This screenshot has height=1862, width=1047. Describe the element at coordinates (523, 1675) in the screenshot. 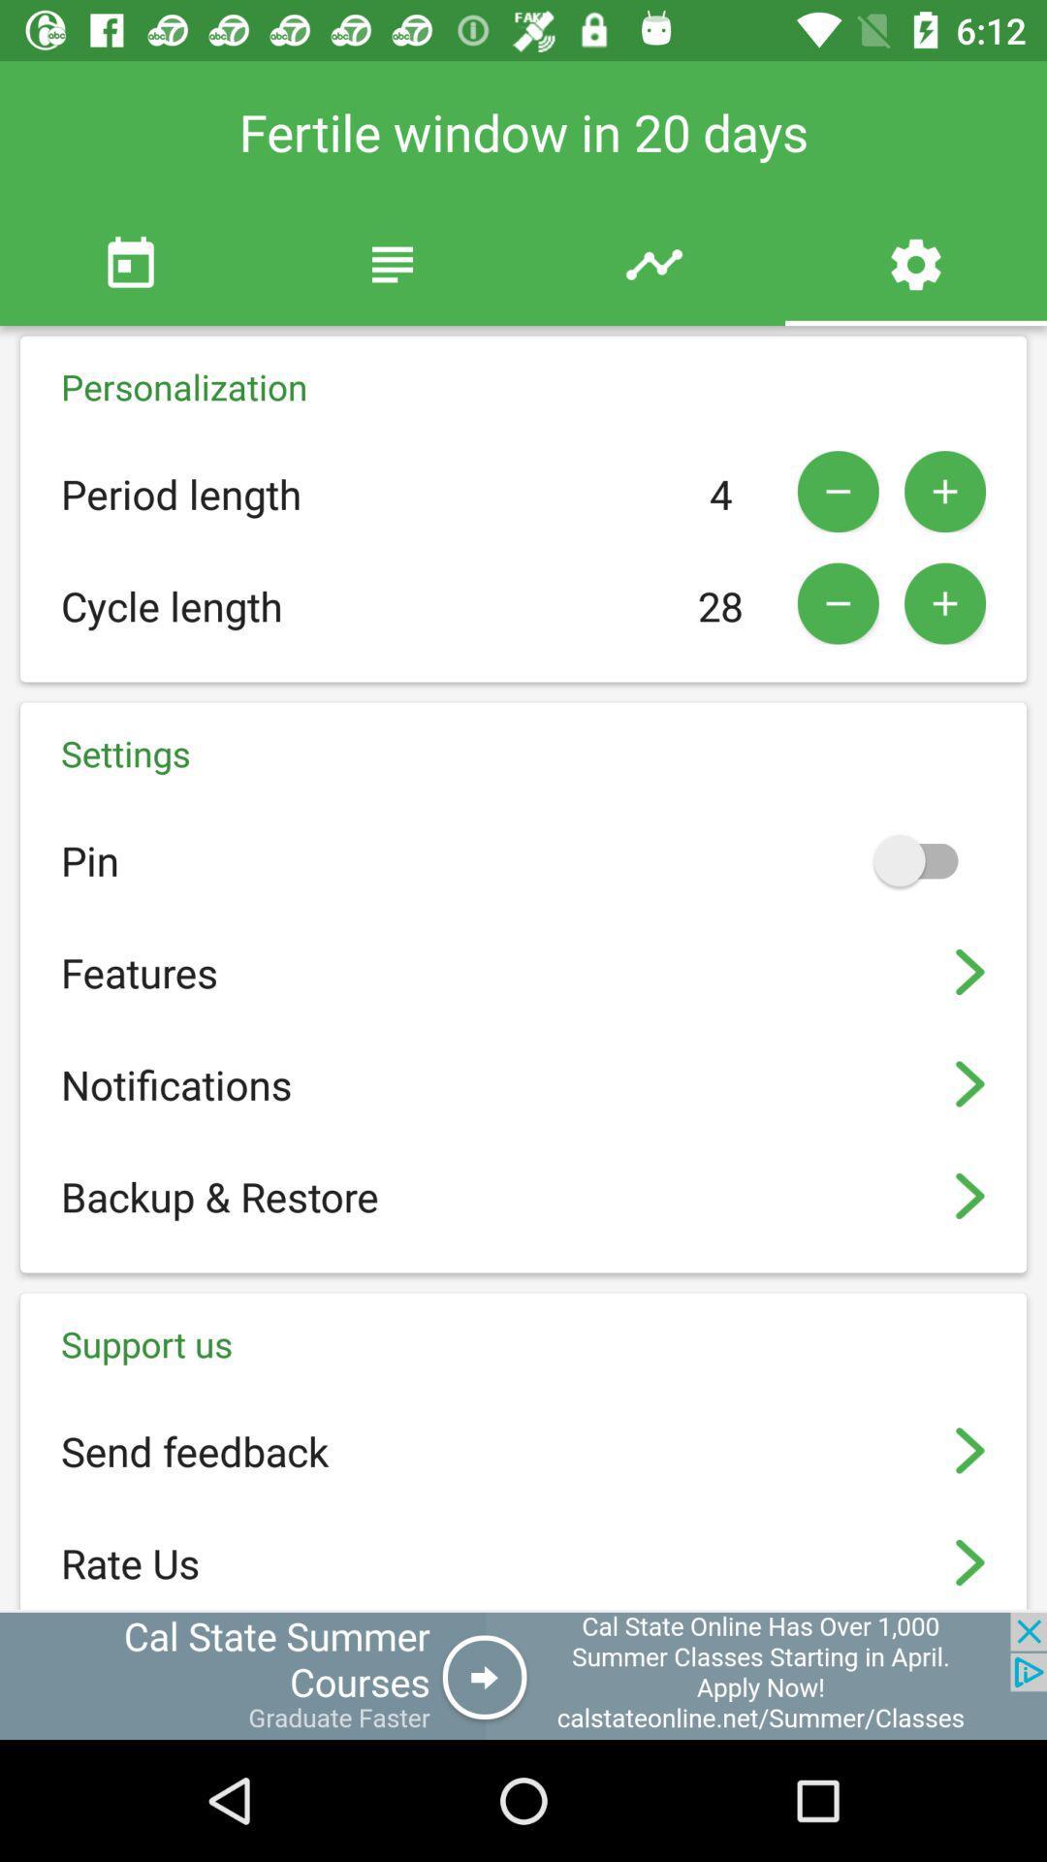

I see `open an advertisements` at that location.